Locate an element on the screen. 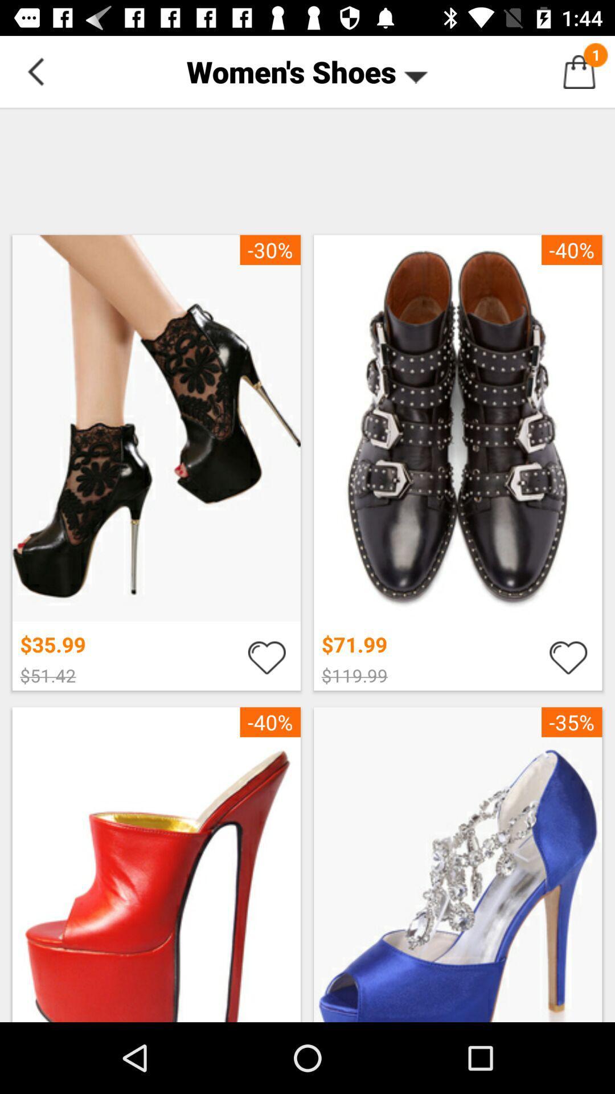 The image size is (615, 1094). the  second heart symbol is located at coordinates (568, 656).